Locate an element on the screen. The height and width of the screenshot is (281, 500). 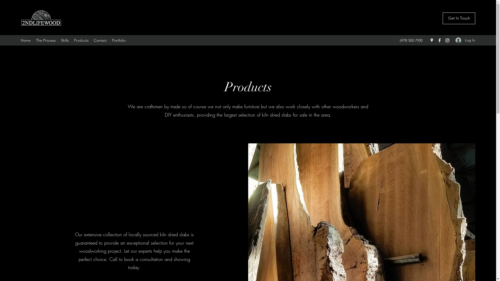
'Get In Touch' is located at coordinates (459, 18).